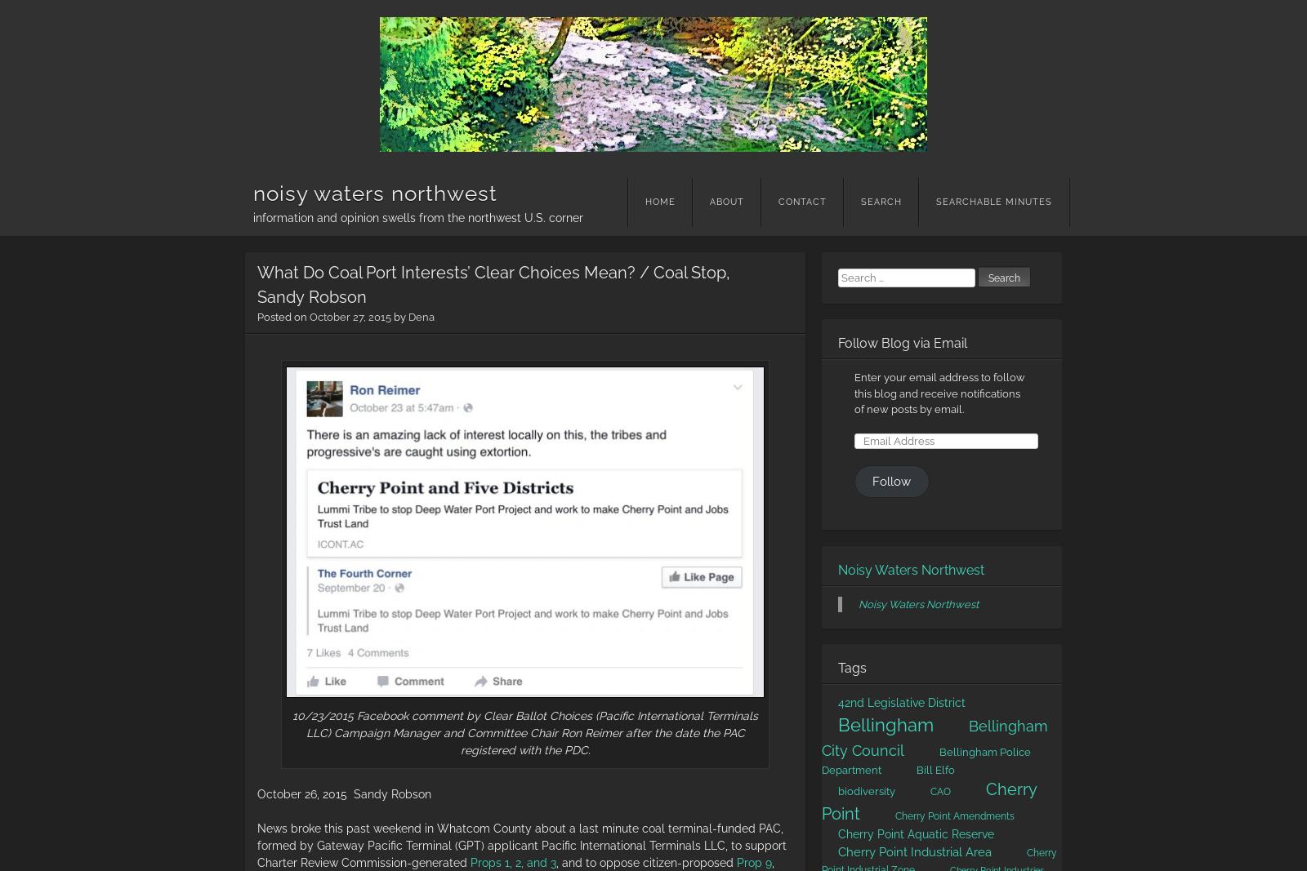 The width and height of the screenshot is (1307, 871). Describe the element at coordinates (939, 392) in the screenshot. I see `'Enter your email address to follow this blog and receive notifications of new posts by email.'` at that location.